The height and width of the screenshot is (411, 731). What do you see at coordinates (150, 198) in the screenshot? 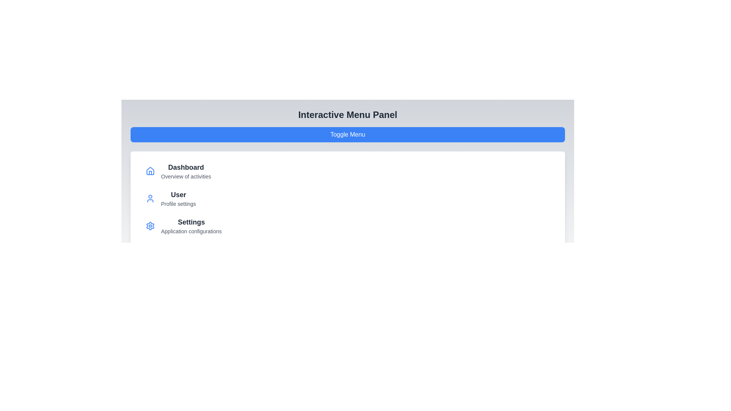
I see `the icon associated with the menu item labeled User` at bounding box center [150, 198].